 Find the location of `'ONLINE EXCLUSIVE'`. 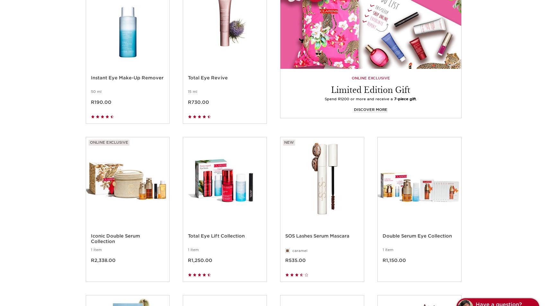

'ONLINE EXCLUSIVE' is located at coordinates (370, 85).